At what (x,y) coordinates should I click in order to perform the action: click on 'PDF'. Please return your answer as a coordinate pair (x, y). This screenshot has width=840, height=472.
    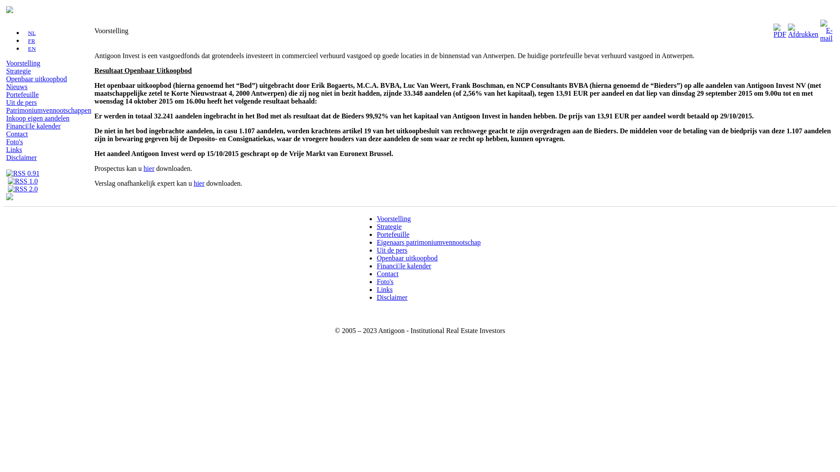
    Looking at the image, I should click on (780, 28).